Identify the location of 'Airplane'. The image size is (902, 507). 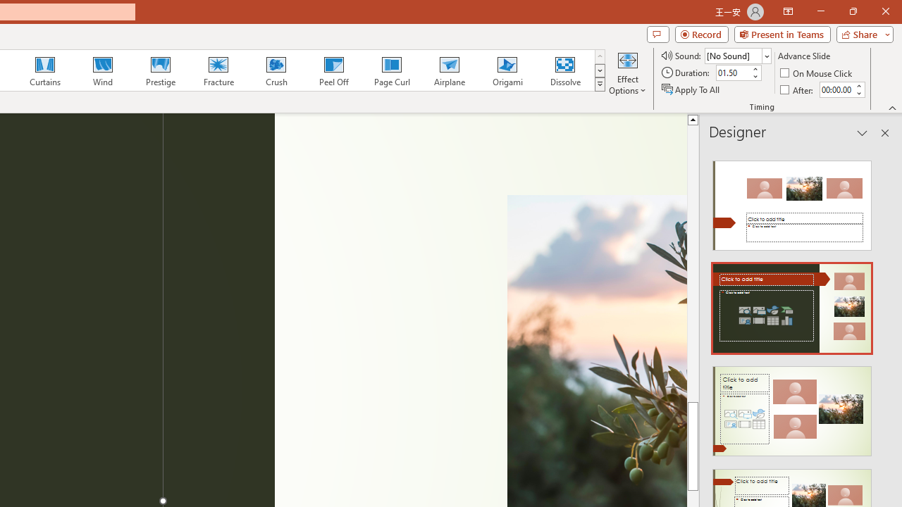
(448, 70).